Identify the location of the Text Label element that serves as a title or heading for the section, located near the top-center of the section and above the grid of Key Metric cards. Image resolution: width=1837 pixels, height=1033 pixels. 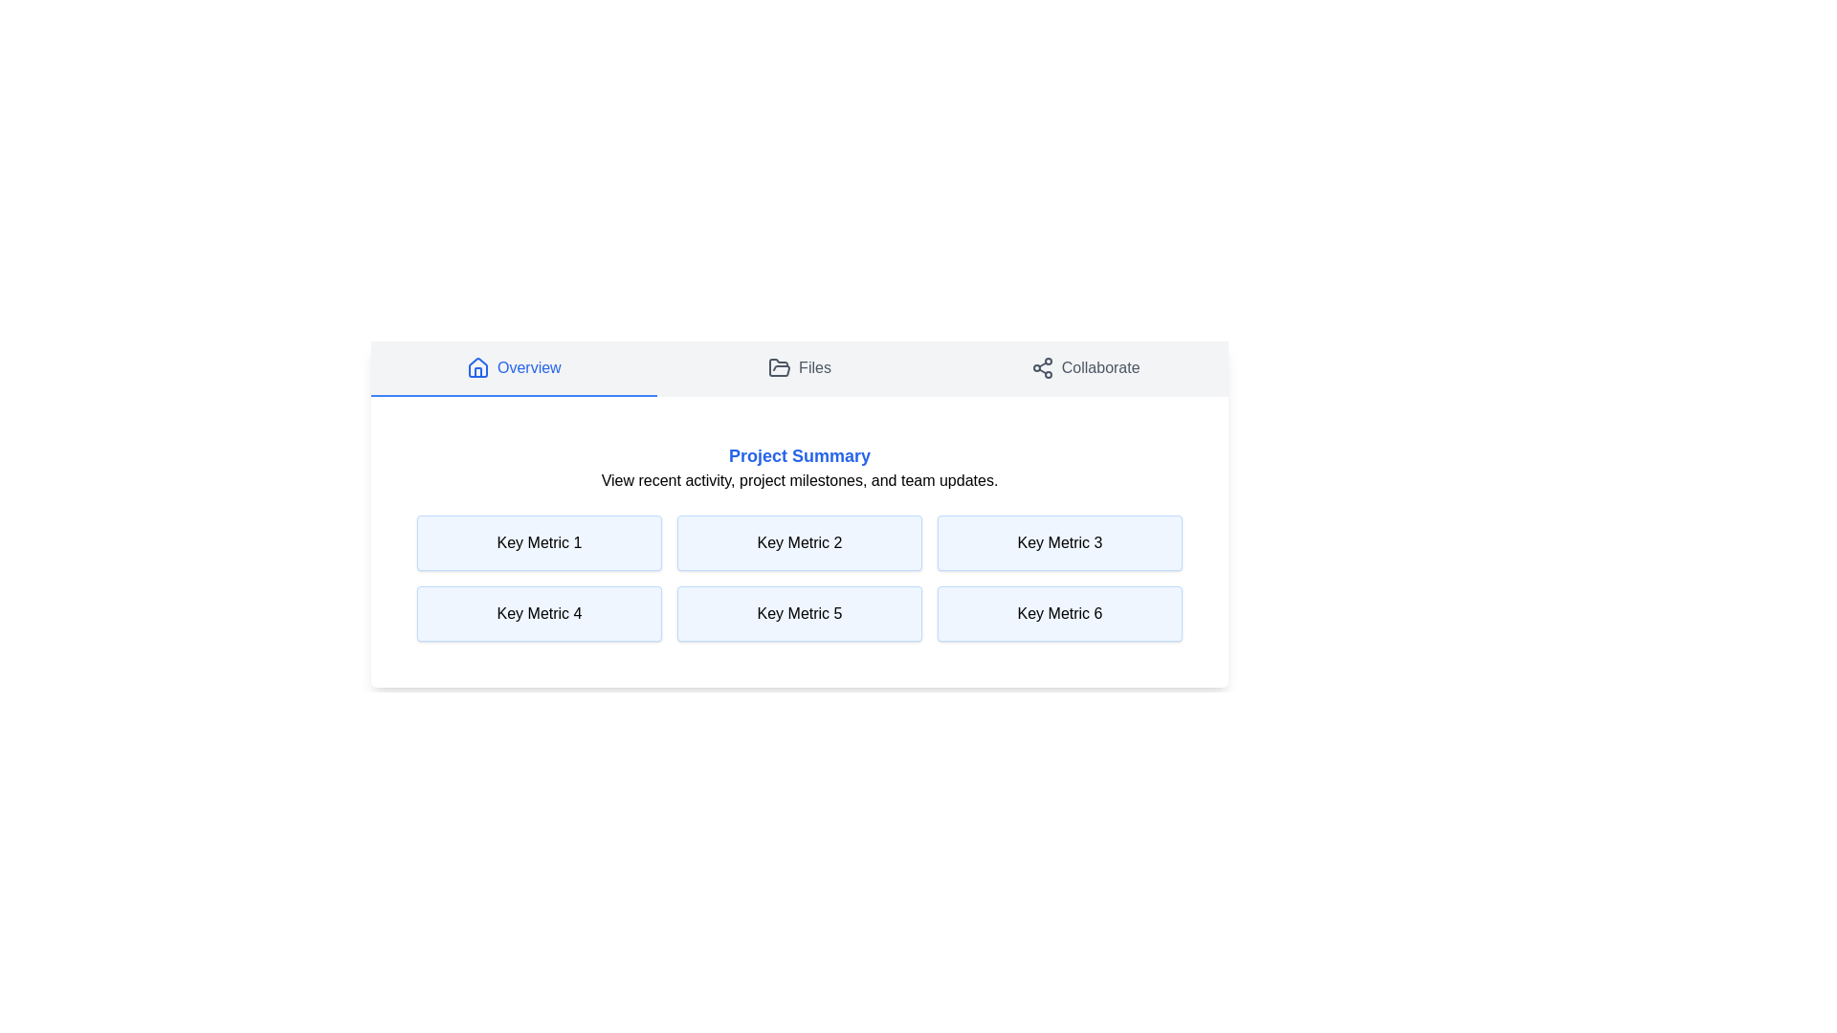
(799, 456).